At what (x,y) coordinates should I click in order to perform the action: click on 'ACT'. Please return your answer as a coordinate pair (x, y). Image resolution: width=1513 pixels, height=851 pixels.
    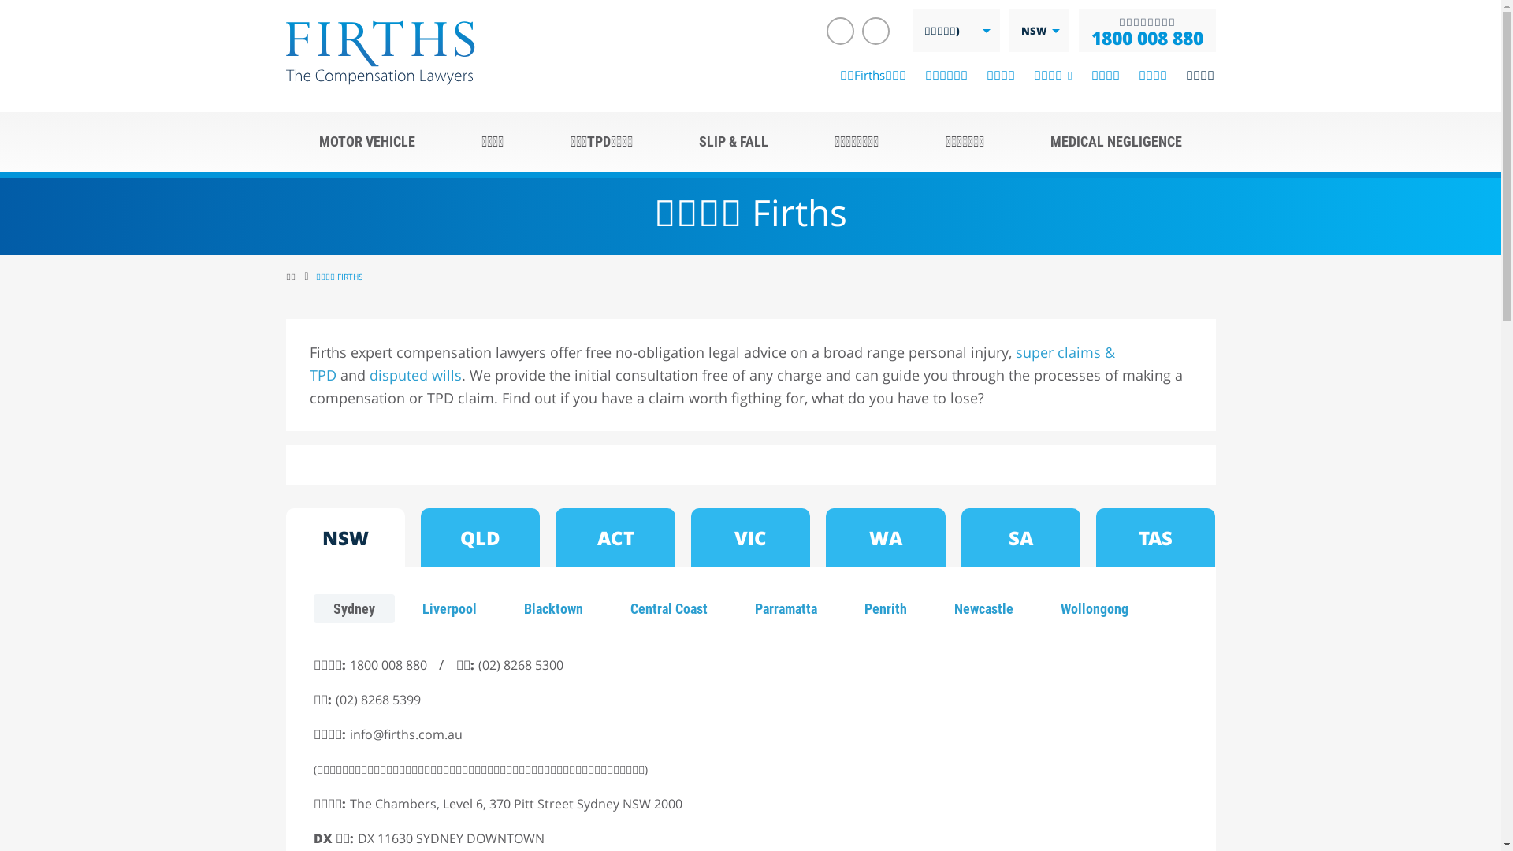
    Looking at the image, I should click on (614, 537).